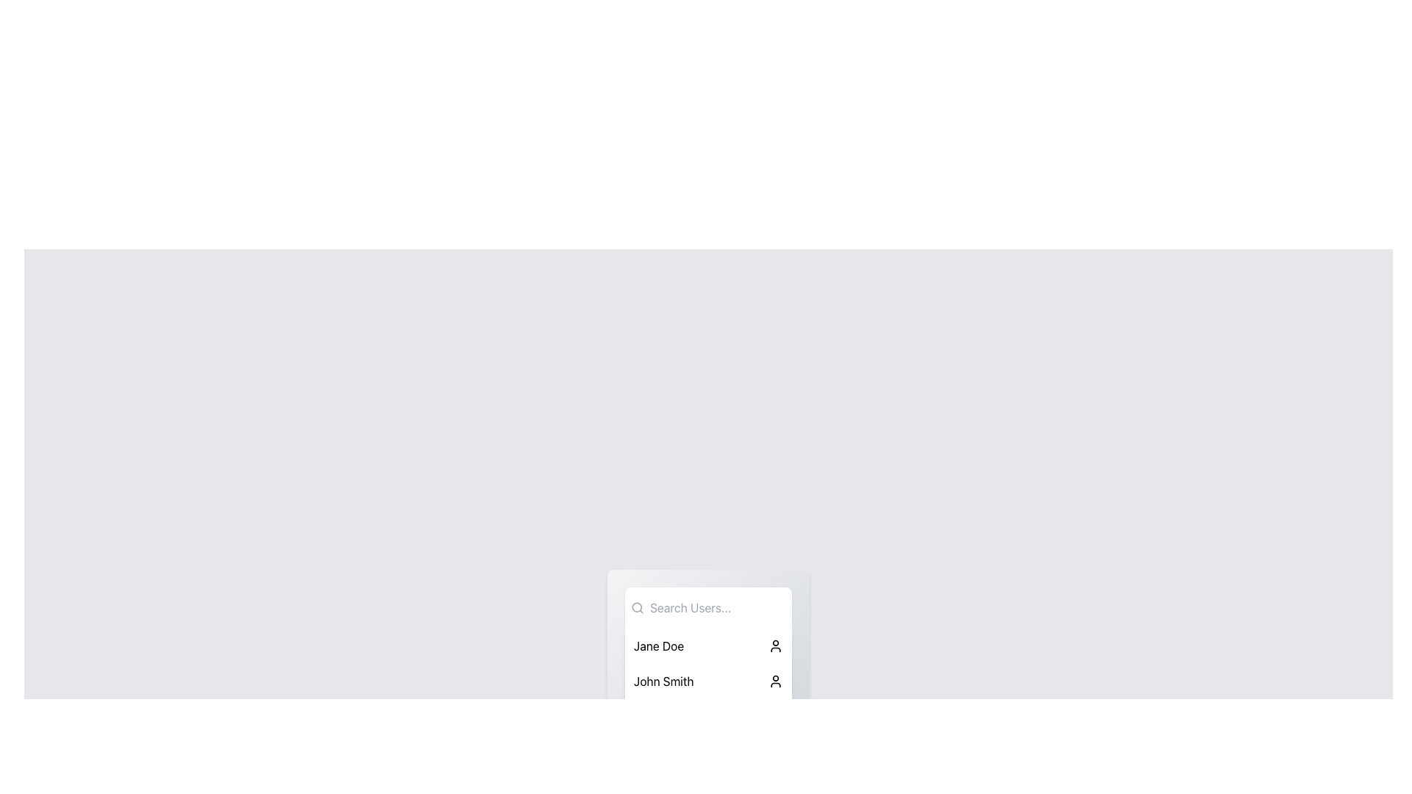  I want to click on the user entries in the dropdown list located below the search bar and above the bottom edge of the containing box, so click(708, 659).